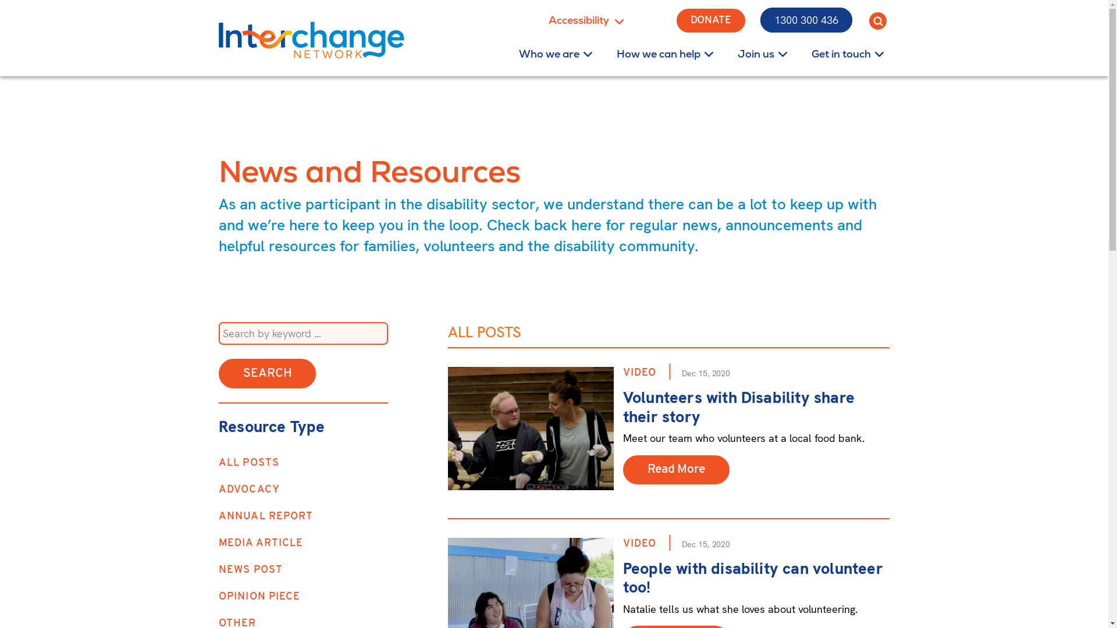 This screenshot has width=1117, height=628. What do you see at coordinates (595, 20) in the screenshot?
I see `'Accessibility'` at bounding box center [595, 20].